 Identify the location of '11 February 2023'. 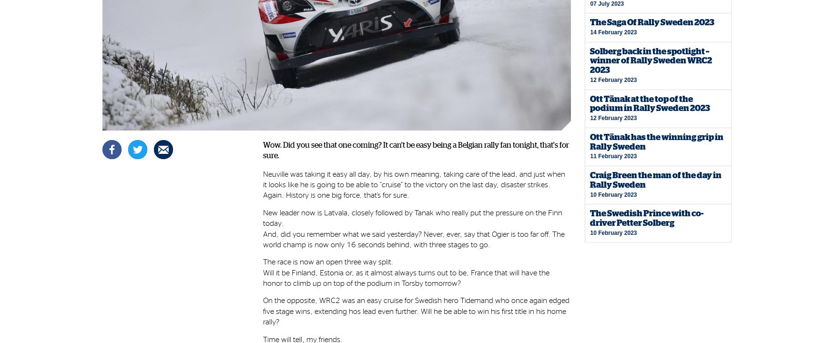
(612, 156).